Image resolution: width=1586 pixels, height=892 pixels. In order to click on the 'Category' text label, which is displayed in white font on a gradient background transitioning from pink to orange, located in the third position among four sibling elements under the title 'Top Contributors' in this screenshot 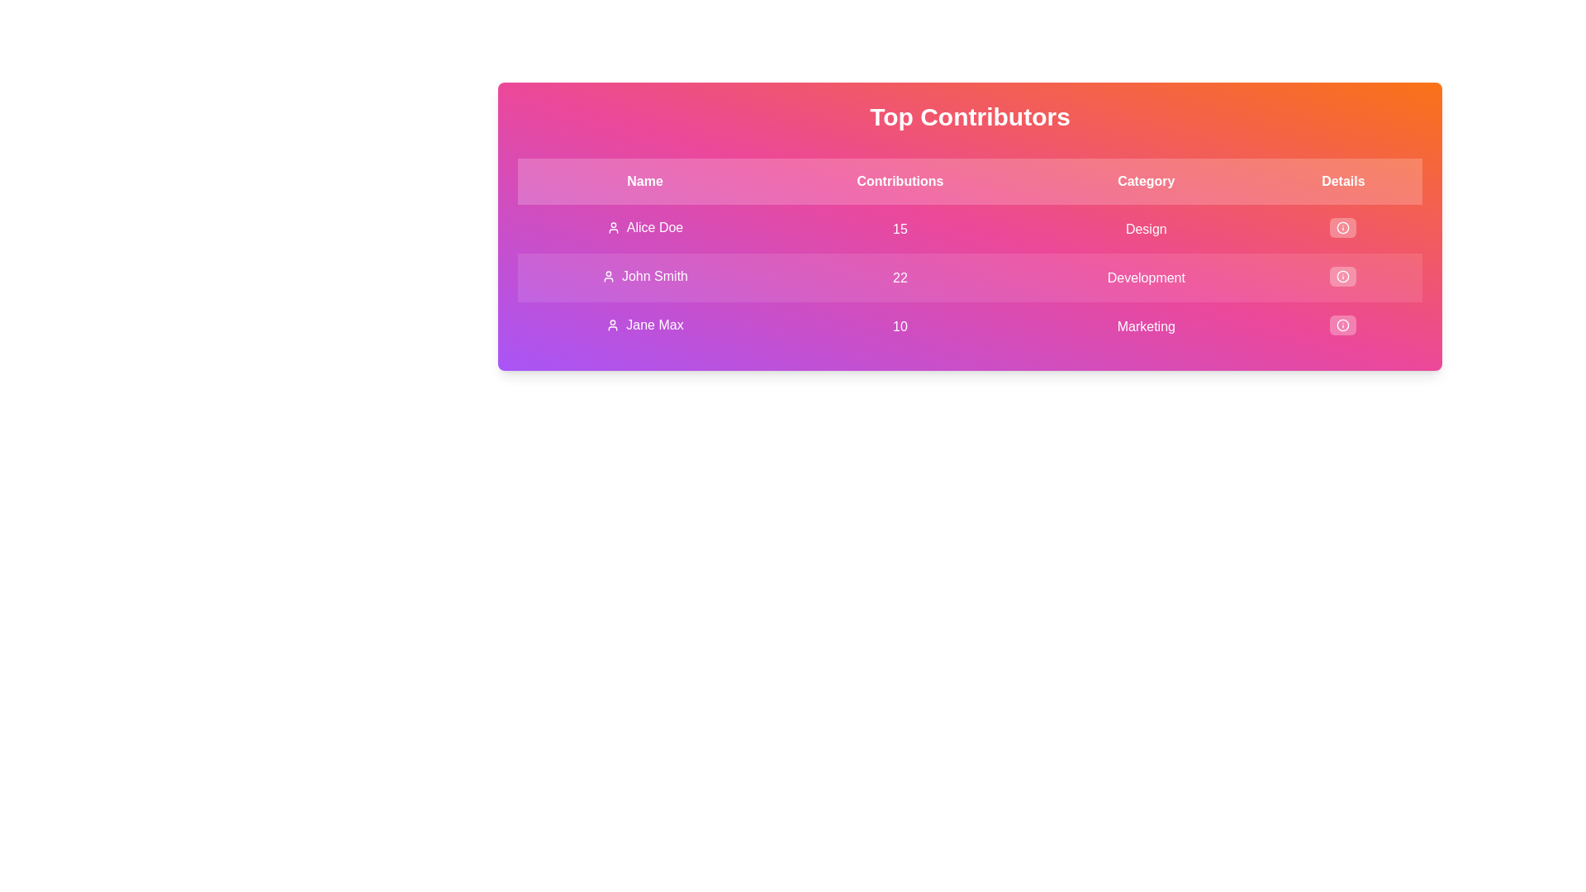, I will do `click(1145, 181)`.